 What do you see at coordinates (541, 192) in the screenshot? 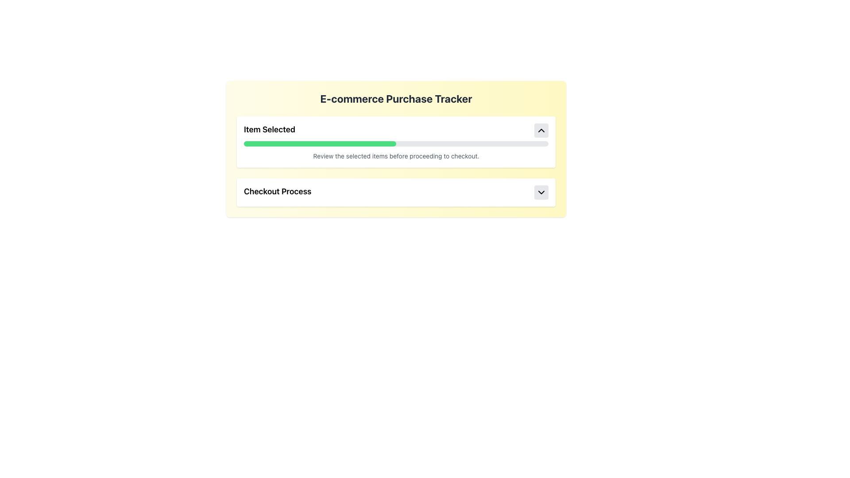
I see `the chevron icon located in the bottom right of the 'Checkout Process' section` at bounding box center [541, 192].